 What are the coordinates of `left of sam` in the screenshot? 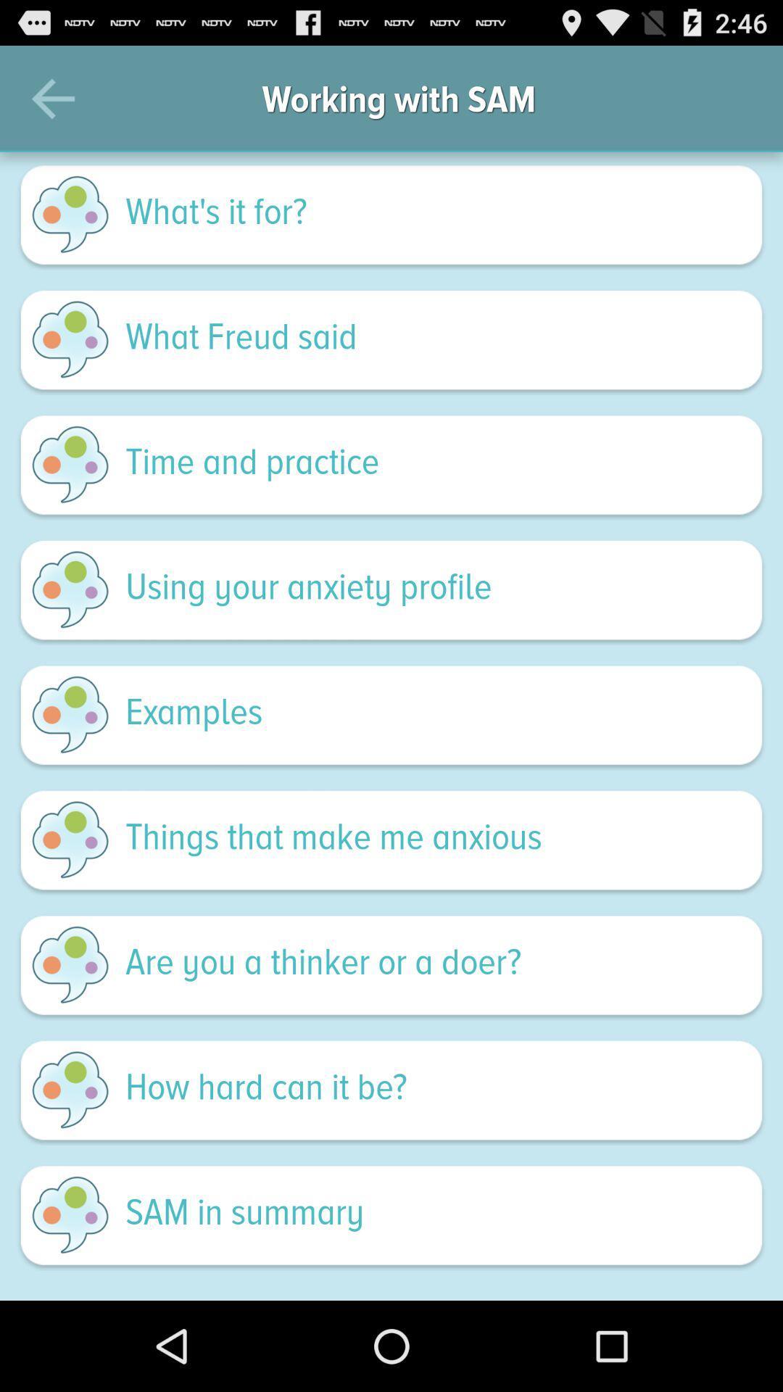 It's located at (70, 1215).